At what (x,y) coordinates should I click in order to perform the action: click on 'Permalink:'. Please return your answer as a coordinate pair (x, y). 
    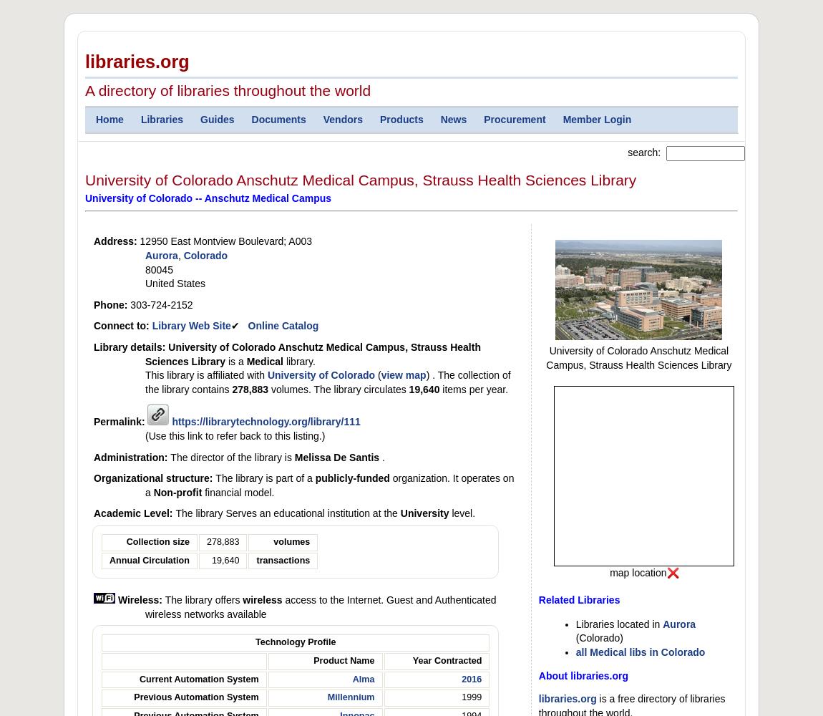
    Looking at the image, I should click on (92, 421).